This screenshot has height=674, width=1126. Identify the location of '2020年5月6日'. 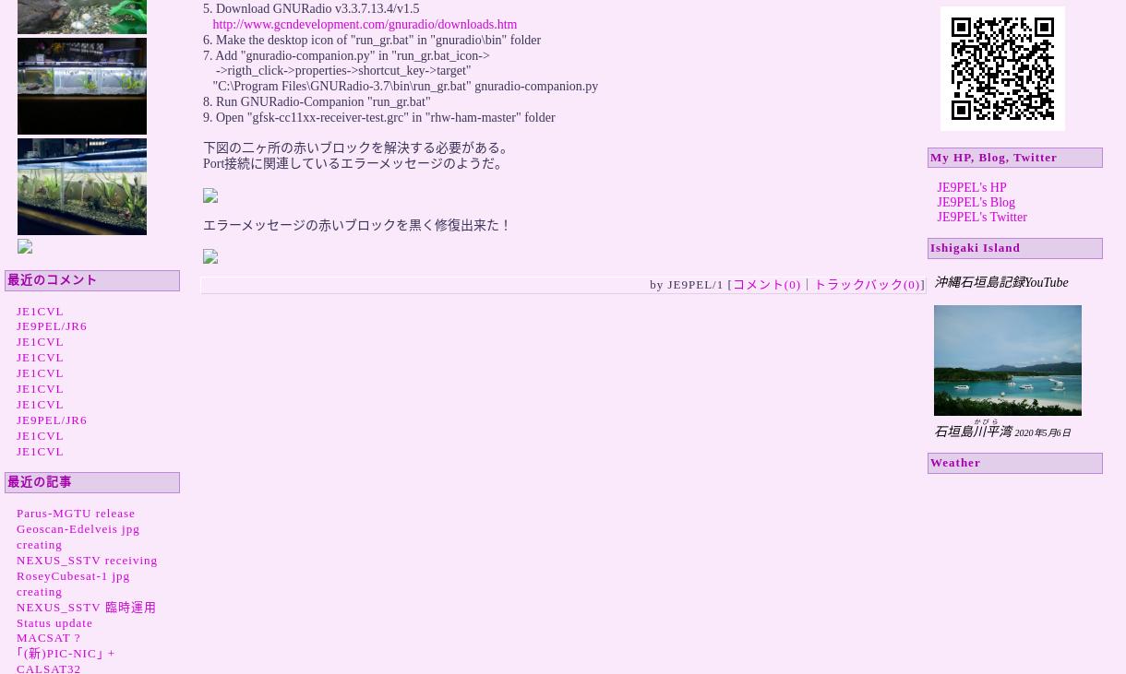
(1041, 432).